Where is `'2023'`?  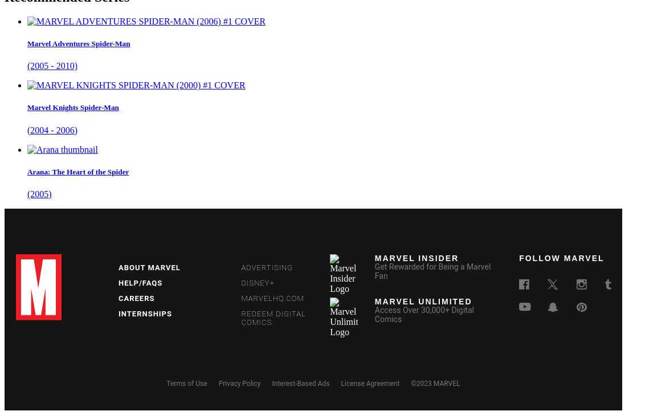
'2023' is located at coordinates (423, 383).